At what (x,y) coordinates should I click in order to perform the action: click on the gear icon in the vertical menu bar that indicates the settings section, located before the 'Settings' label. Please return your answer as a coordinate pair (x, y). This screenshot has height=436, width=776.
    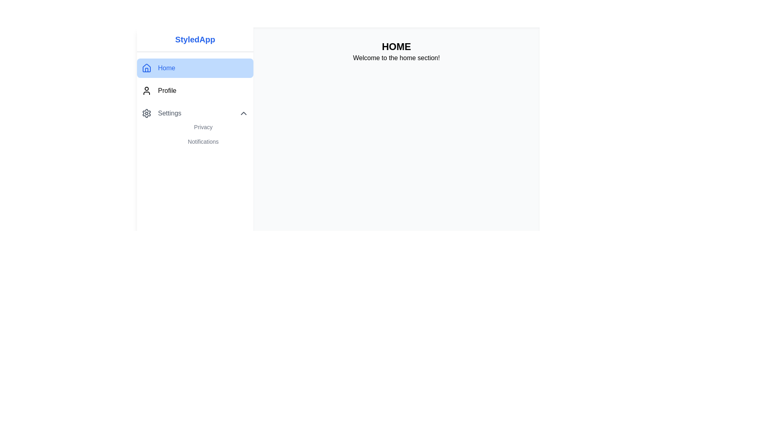
    Looking at the image, I should click on (147, 113).